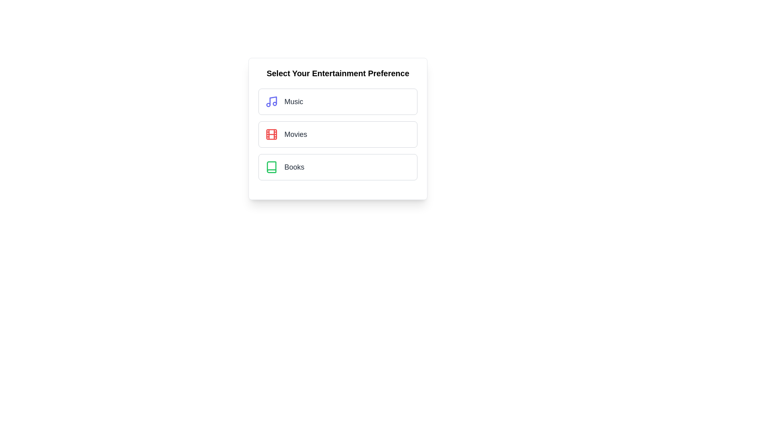 The height and width of the screenshot is (431, 767). What do you see at coordinates (272, 167) in the screenshot?
I see `the 'Books' icon (SVG Graphic) located within the button to the left of the text label 'Books'` at bounding box center [272, 167].